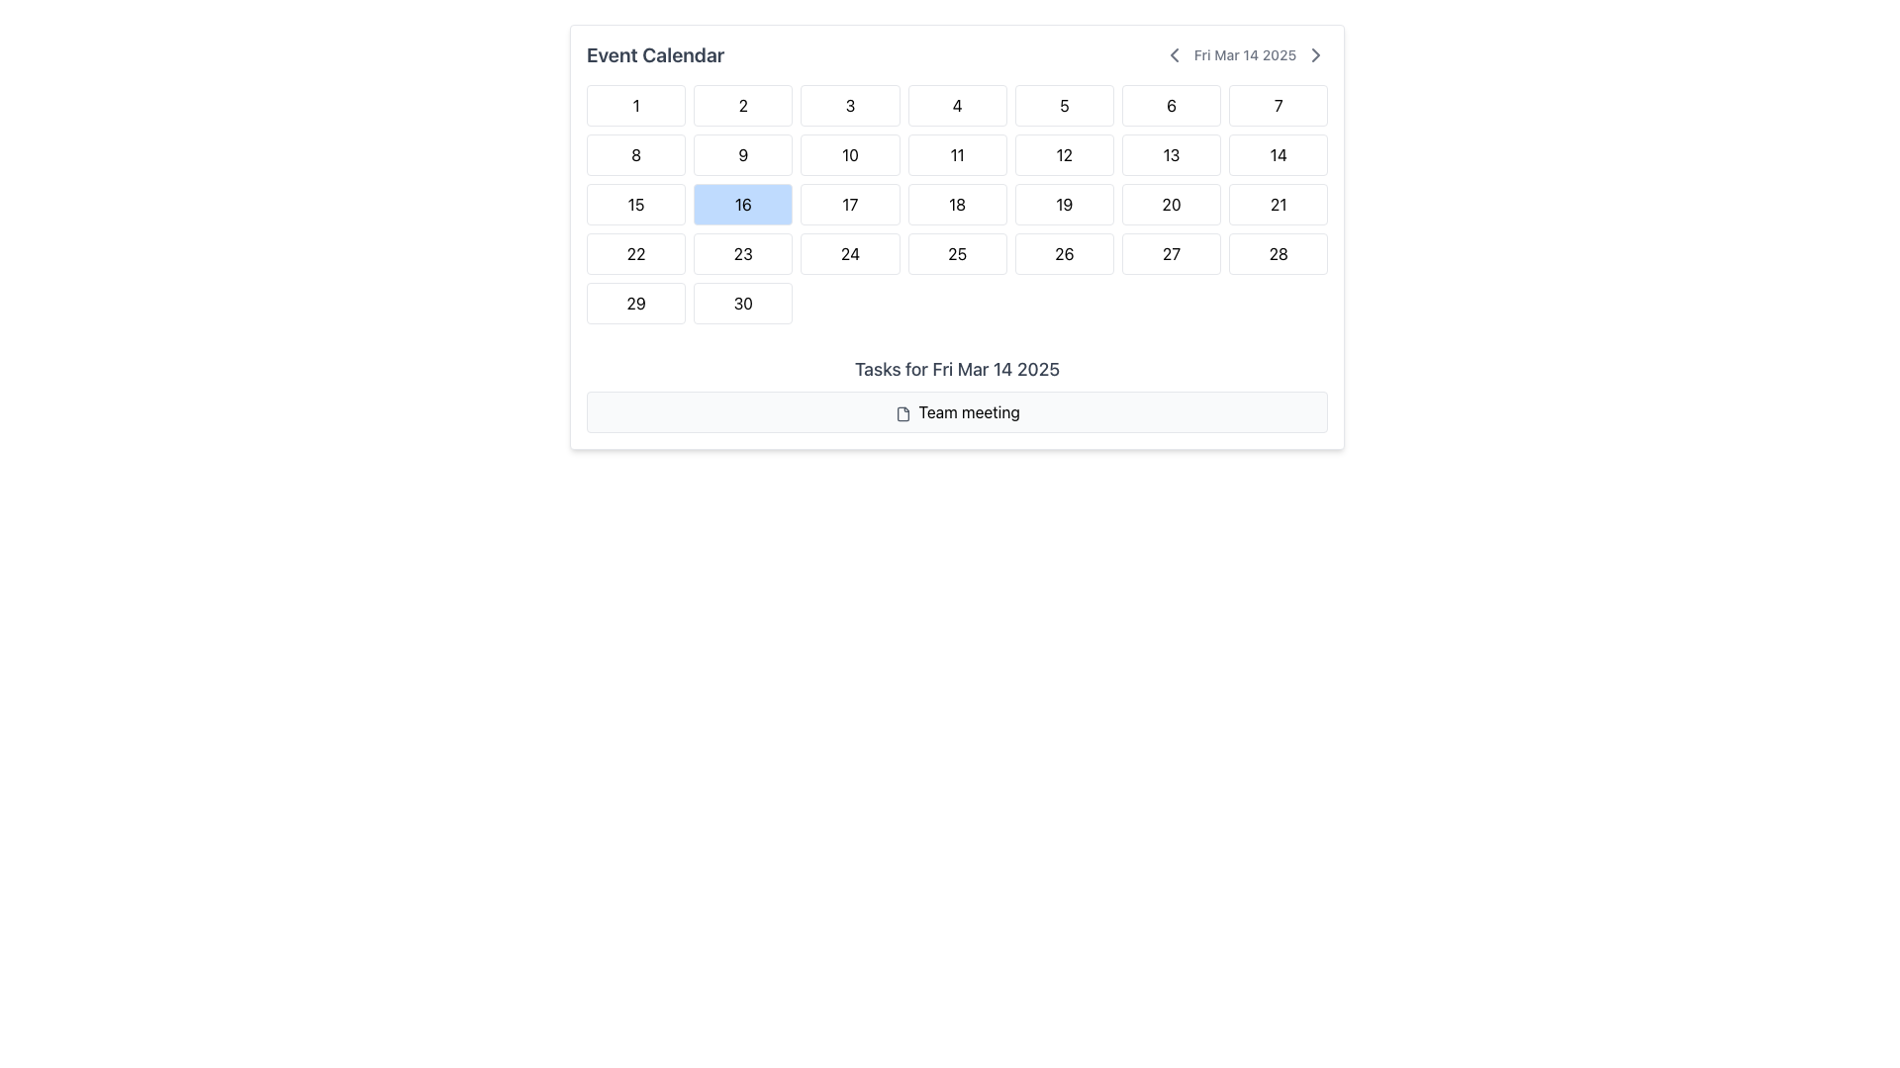  What do you see at coordinates (957, 106) in the screenshot?
I see `the date button representing '4' in the calendar interface` at bounding box center [957, 106].